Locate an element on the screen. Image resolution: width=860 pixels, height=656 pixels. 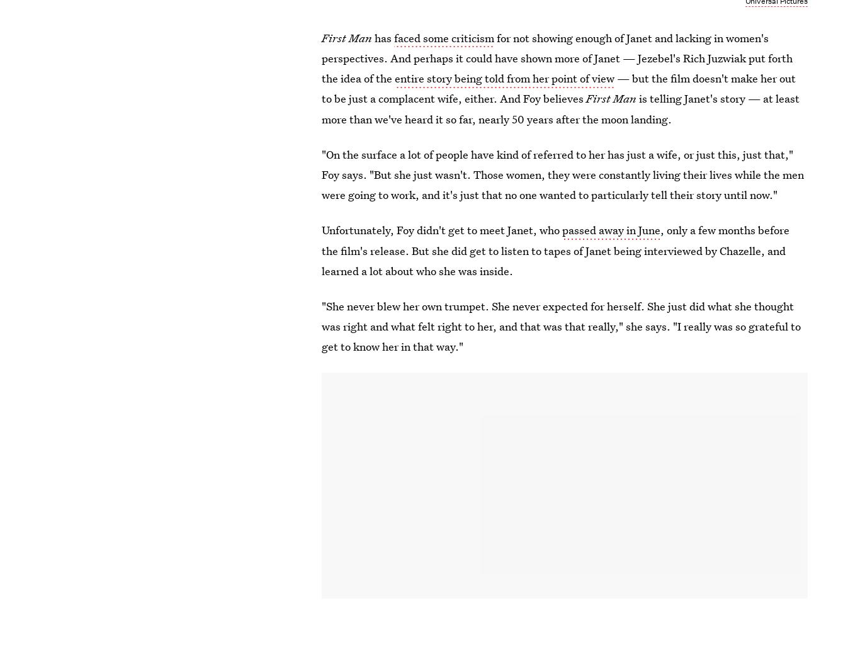
'has' is located at coordinates (383, 37).